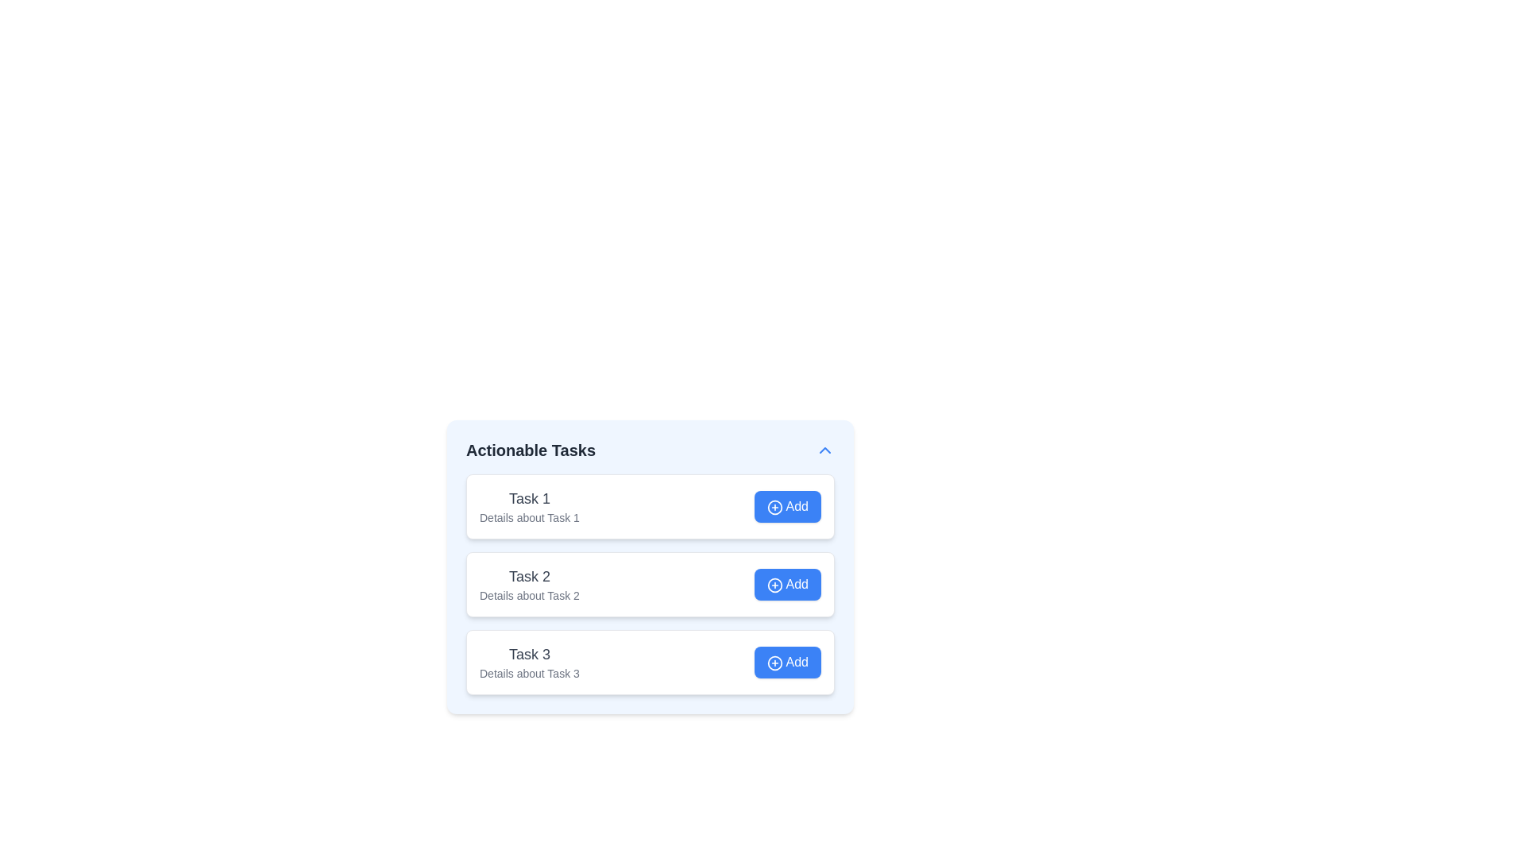 The image size is (1525, 858). What do you see at coordinates (774, 585) in the screenshot?
I see `element information of the SVG Circle representing the 'Add' button, which is located to the right of 'Task 2' in the task list interface` at bounding box center [774, 585].